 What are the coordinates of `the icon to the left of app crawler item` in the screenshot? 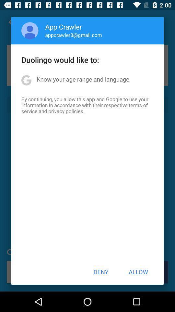 It's located at (29, 31).